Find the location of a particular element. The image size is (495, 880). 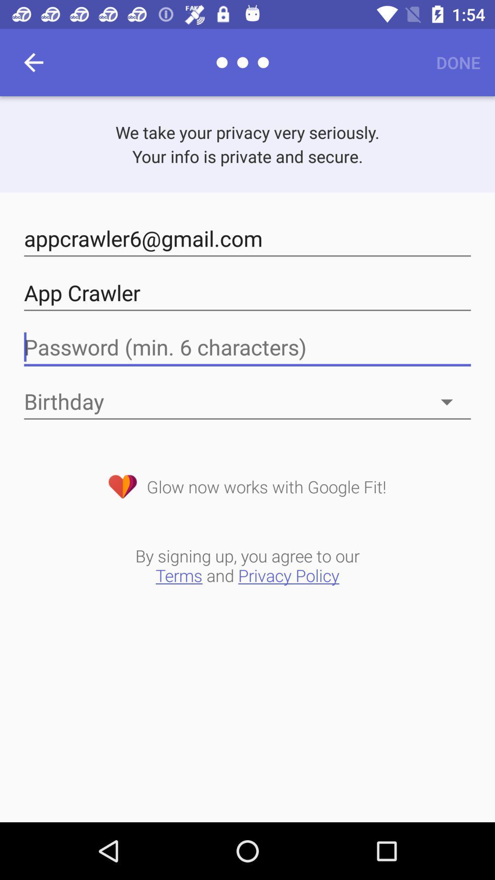

to add password in this space is located at coordinates (247, 347).